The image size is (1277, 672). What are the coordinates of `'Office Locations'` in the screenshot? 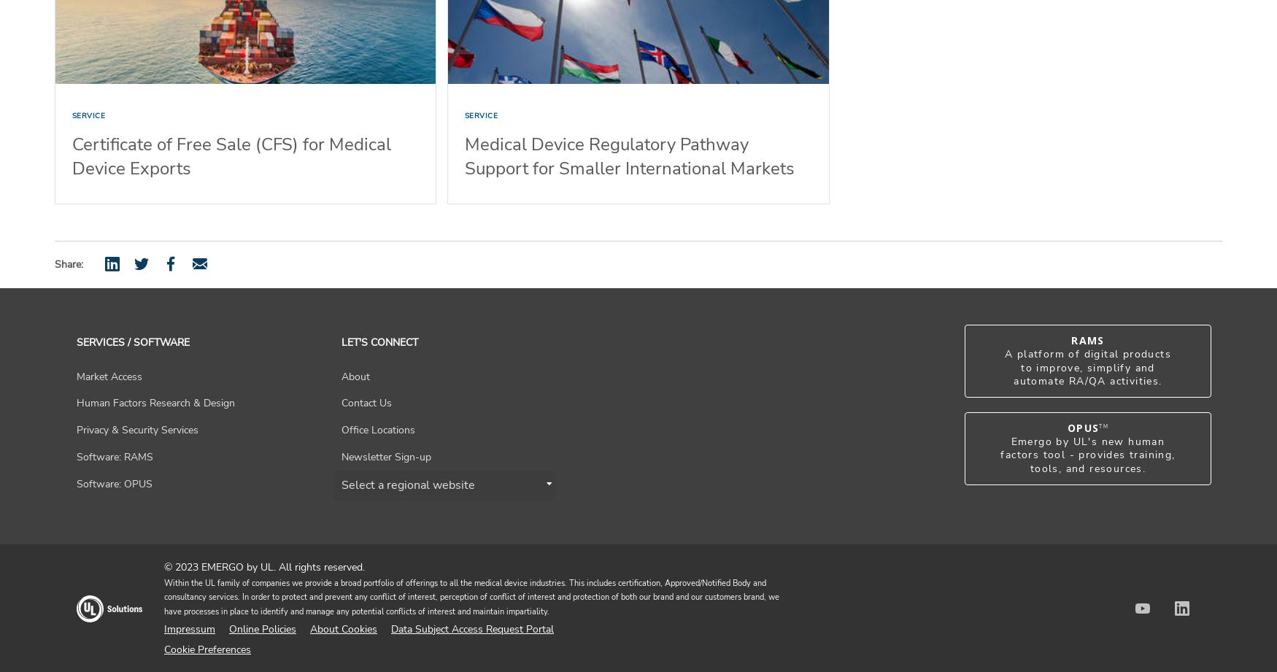 It's located at (377, 429).